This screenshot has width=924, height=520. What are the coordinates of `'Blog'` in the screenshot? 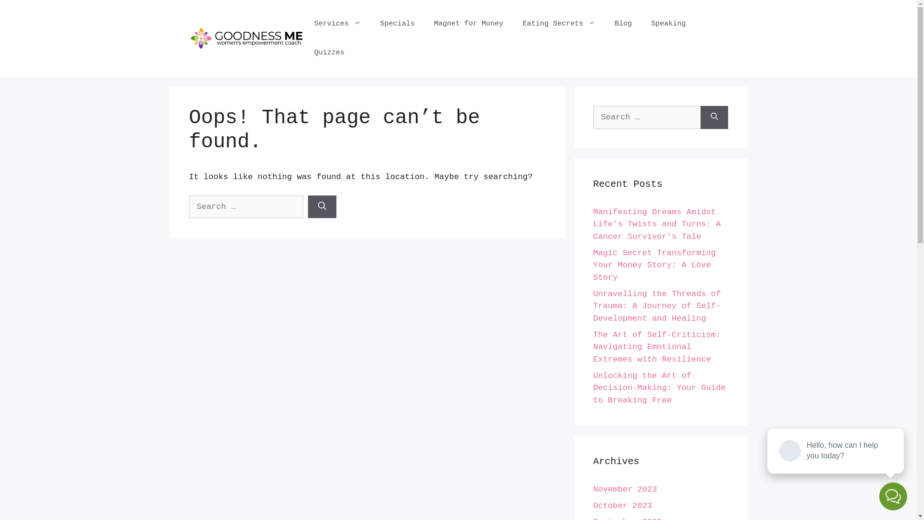 It's located at (623, 24).